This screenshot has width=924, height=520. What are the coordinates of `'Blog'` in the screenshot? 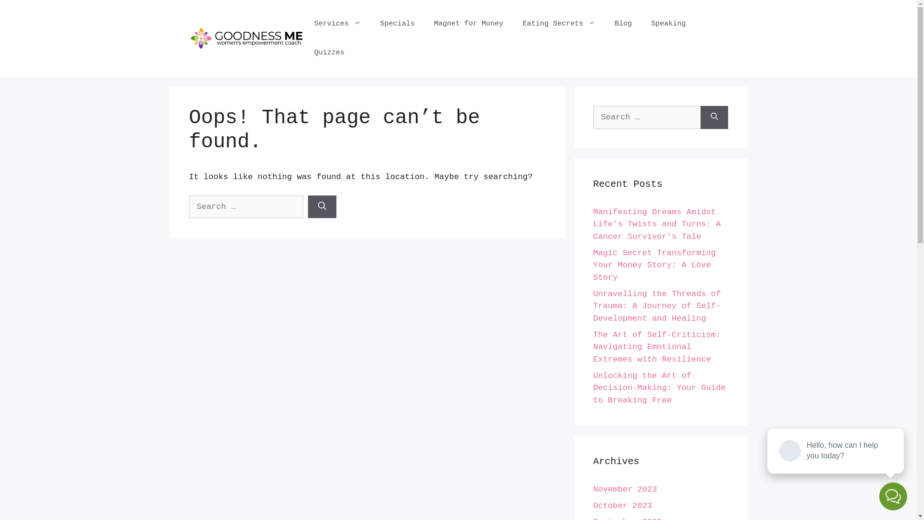 It's located at (623, 24).